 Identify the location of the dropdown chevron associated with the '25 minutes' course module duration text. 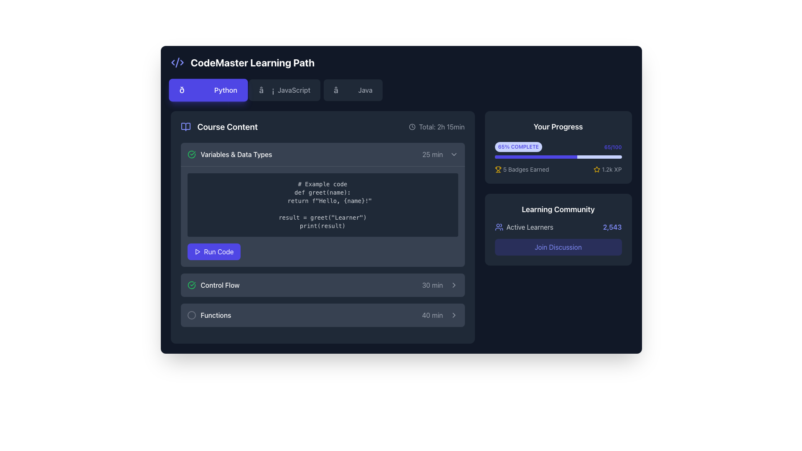
(439, 155).